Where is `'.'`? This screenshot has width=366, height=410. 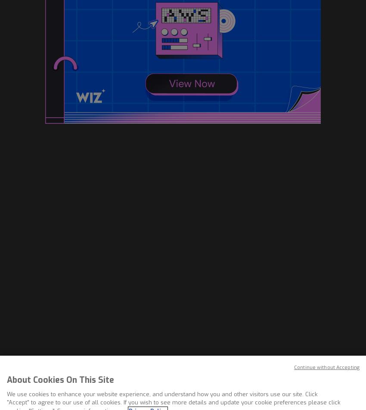 '.' is located at coordinates (178, 295).